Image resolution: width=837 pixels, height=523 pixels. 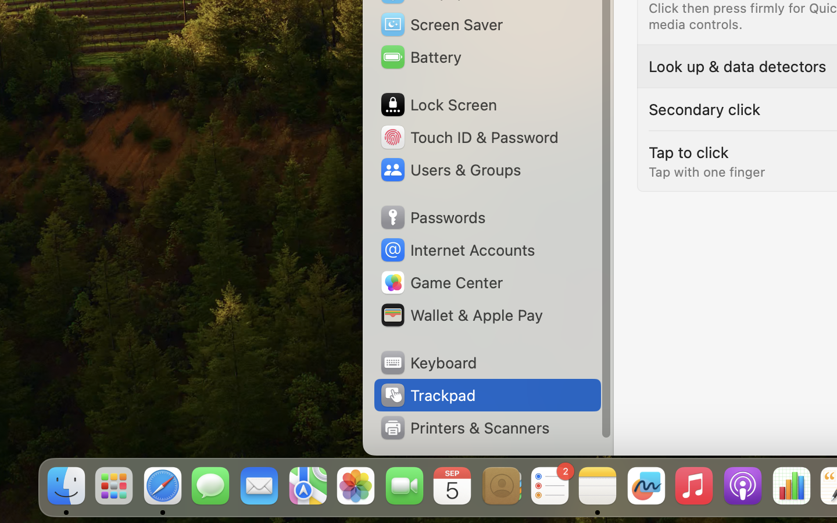 What do you see at coordinates (464, 427) in the screenshot?
I see `'Printers & Scanners'` at bounding box center [464, 427].